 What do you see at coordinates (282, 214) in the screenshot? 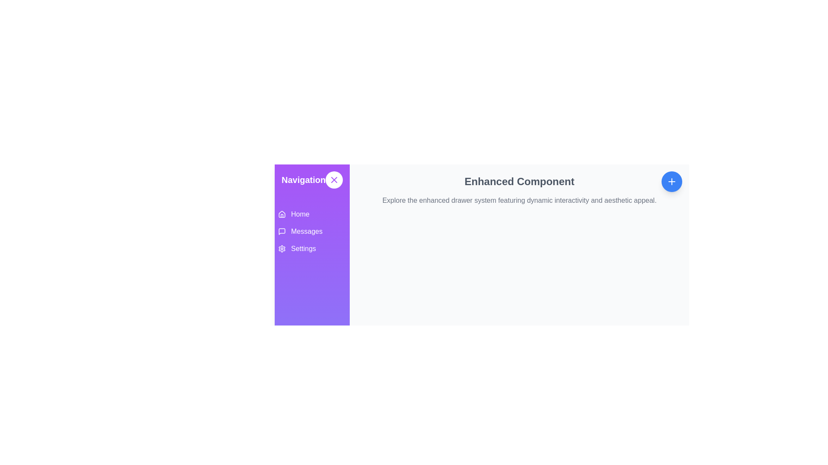
I see `the house icon located in the sidebar navigation at the top of the 'Home' tab section, which is styled with a minimalist outline design` at bounding box center [282, 214].